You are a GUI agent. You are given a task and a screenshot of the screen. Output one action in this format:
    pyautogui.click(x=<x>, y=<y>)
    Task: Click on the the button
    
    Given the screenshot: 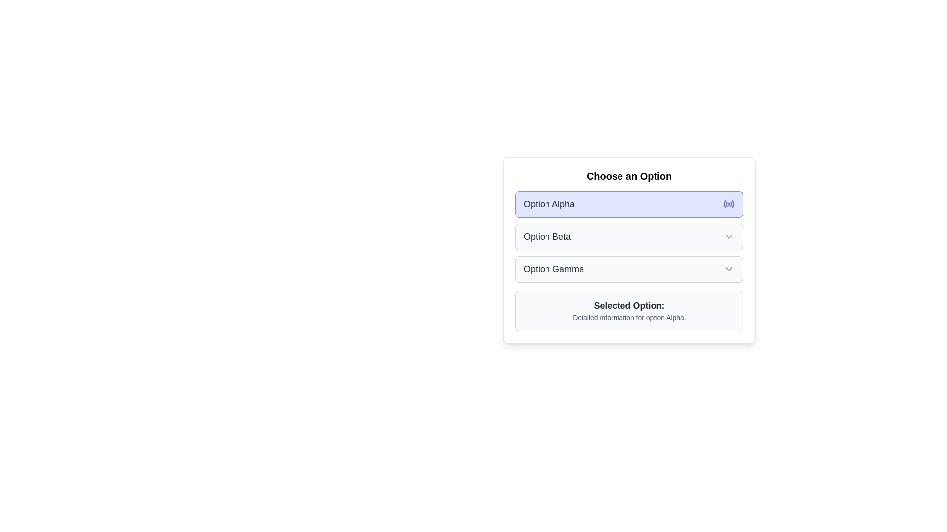 What is the action you would take?
    pyautogui.click(x=629, y=237)
    